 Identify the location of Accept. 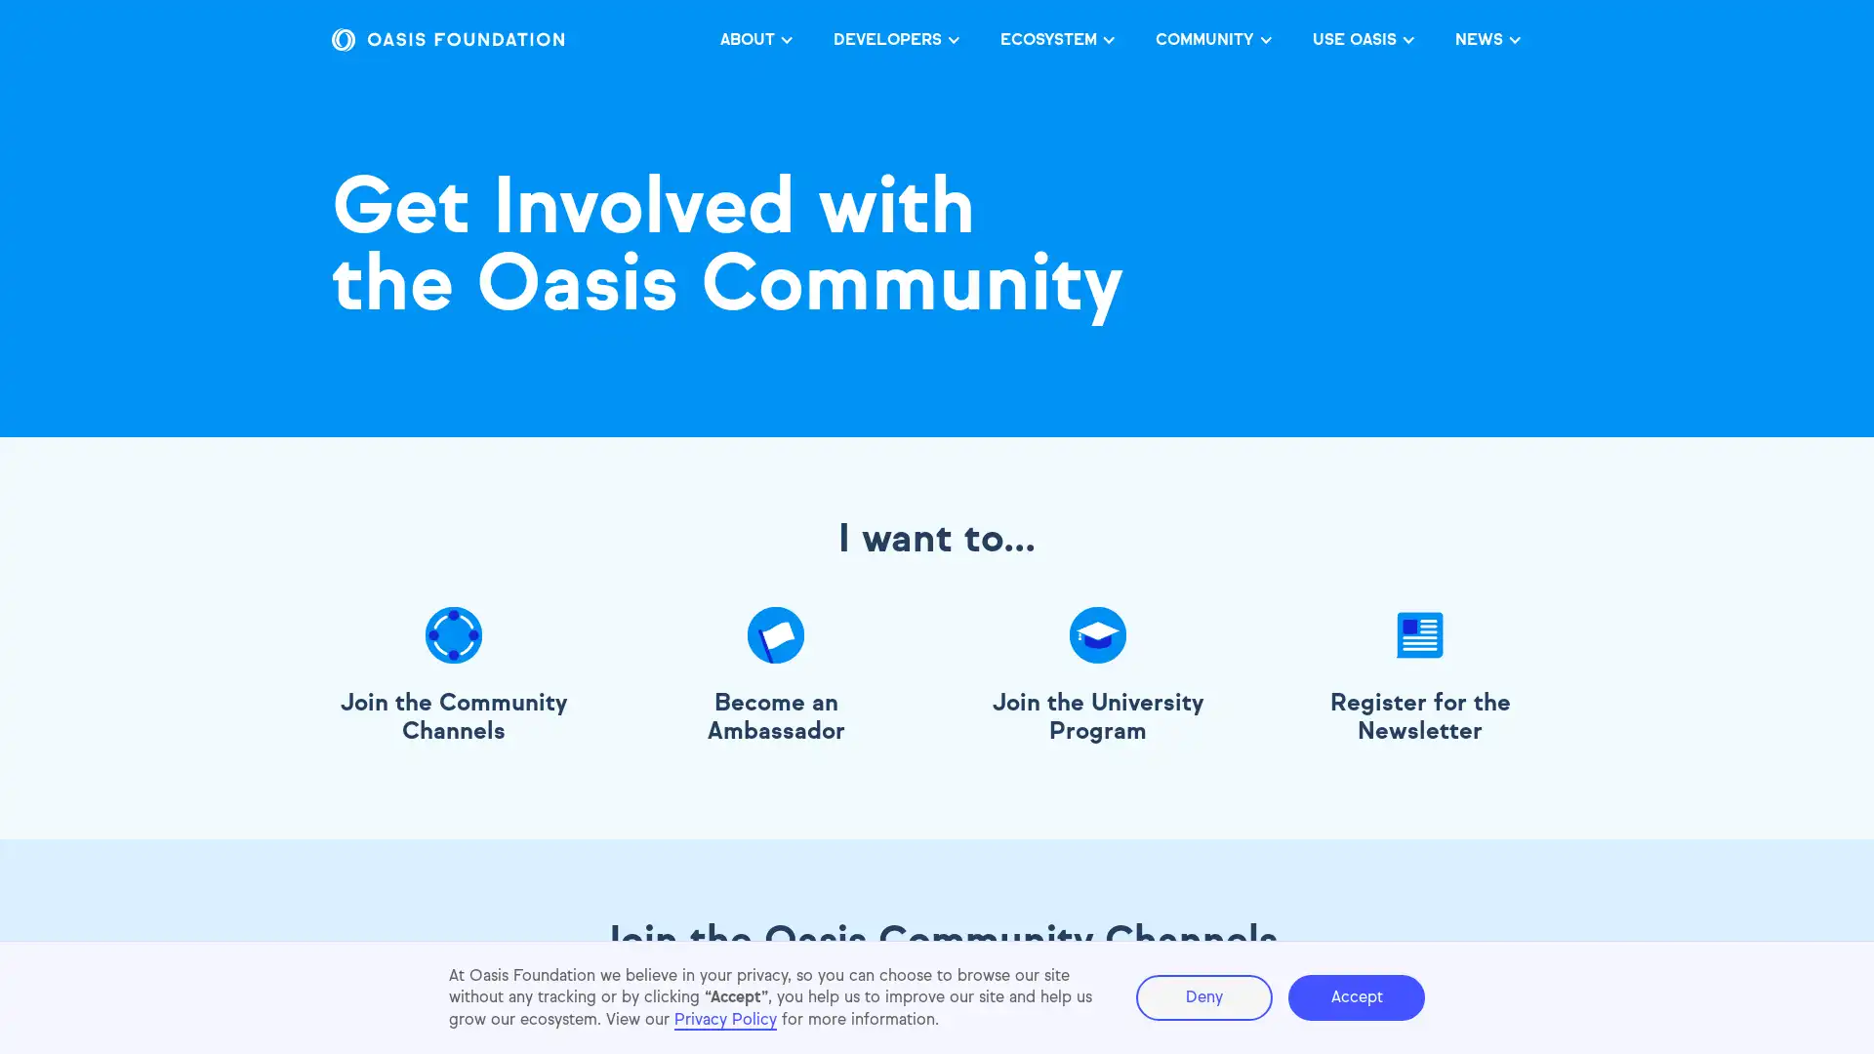
(1356, 997).